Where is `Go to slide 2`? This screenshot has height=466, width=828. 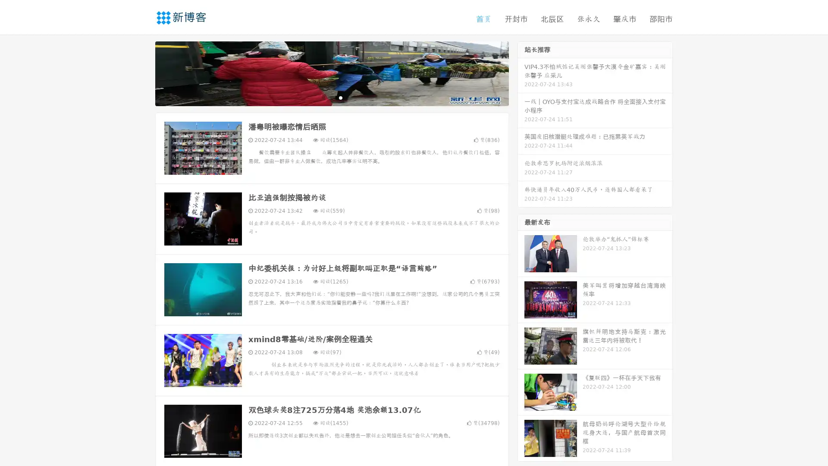 Go to slide 2 is located at coordinates (331, 97).